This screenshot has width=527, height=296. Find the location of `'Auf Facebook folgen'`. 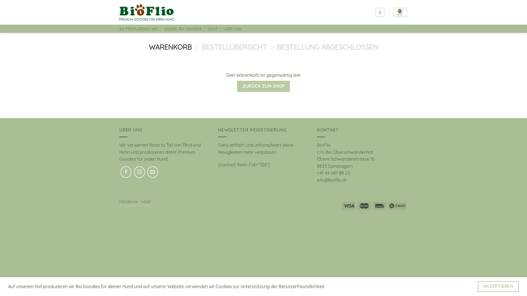

'Auf Facebook folgen' is located at coordinates (126, 172).